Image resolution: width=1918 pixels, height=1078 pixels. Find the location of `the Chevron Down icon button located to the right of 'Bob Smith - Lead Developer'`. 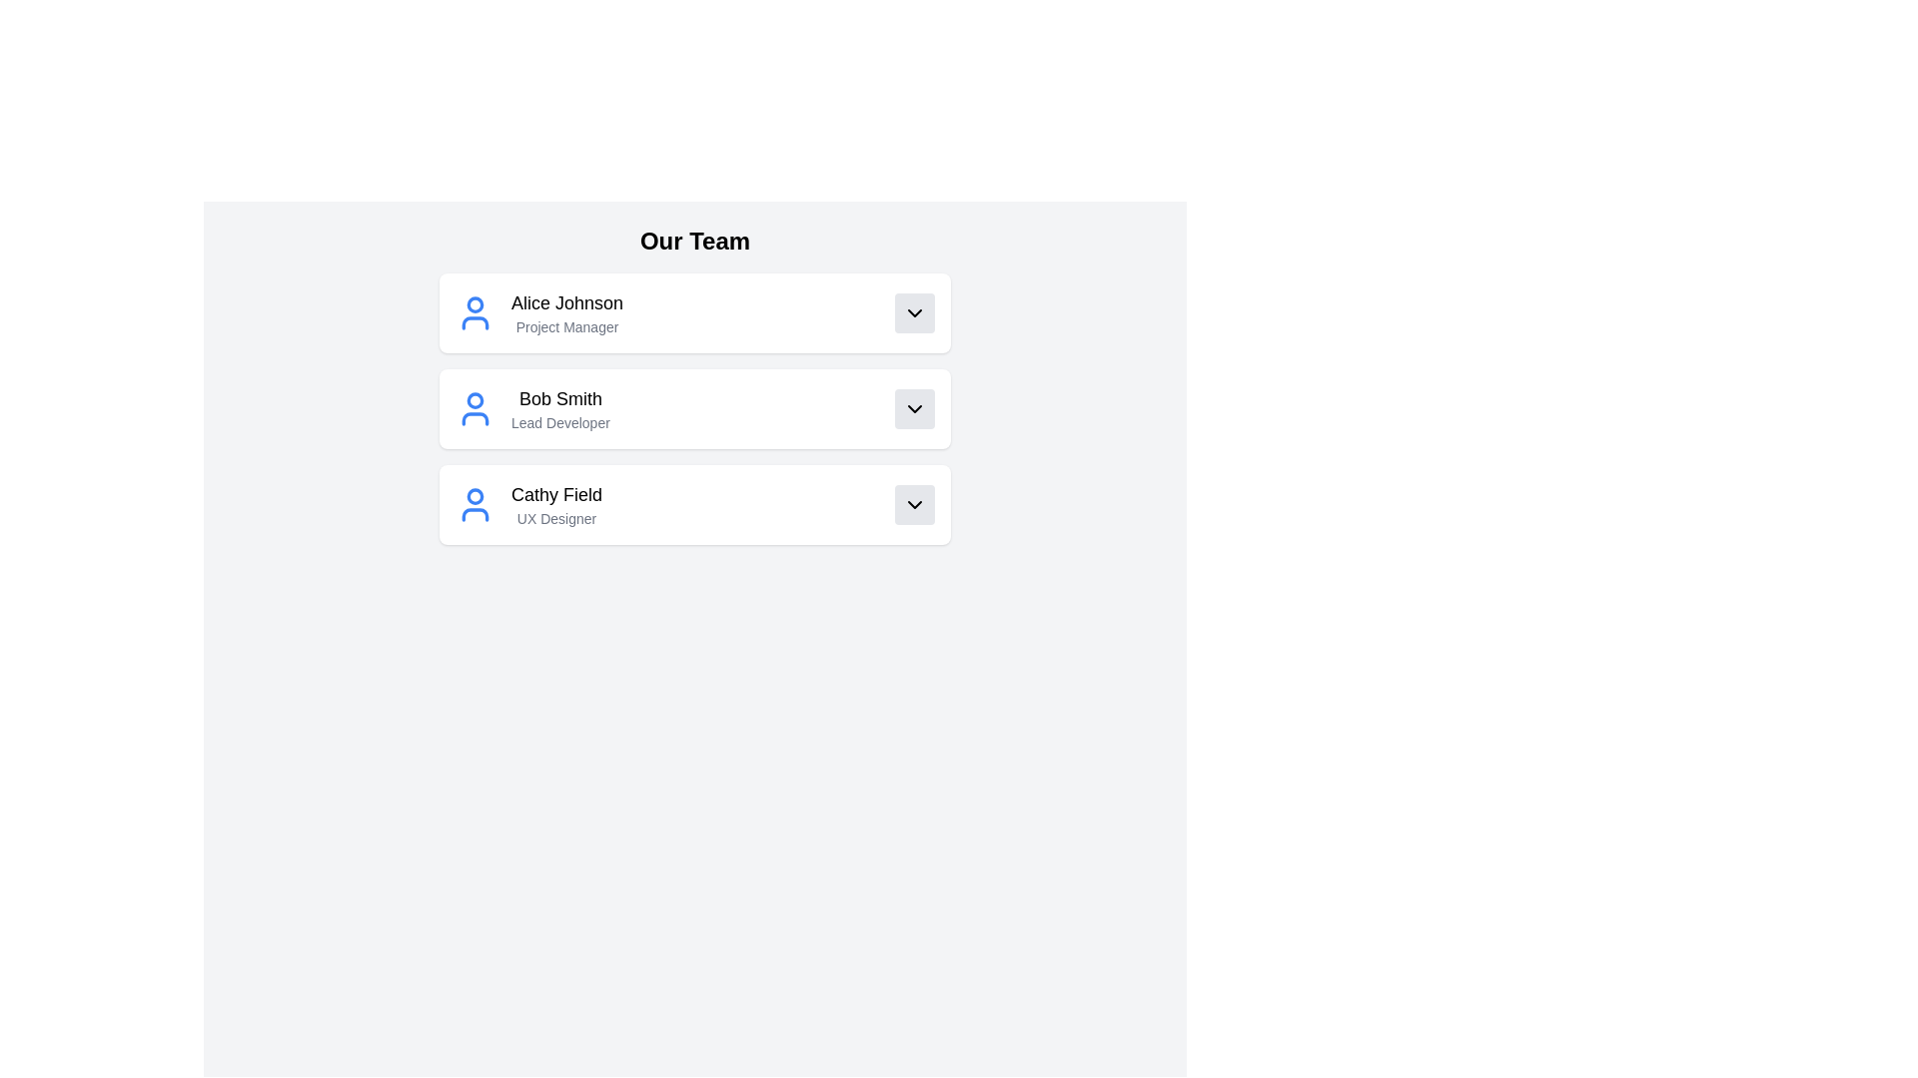

the Chevron Down icon button located to the right of 'Bob Smith - Lead Developer' is located at coordinates (914, 407).